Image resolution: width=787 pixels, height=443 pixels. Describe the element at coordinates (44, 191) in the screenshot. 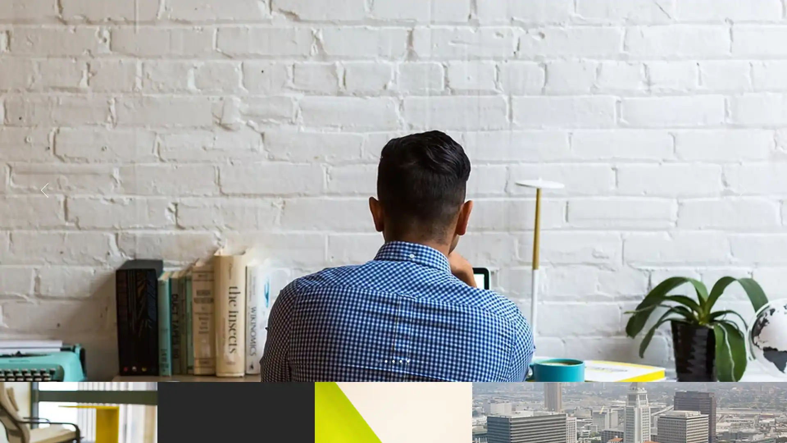

I see `Previous` at that location.